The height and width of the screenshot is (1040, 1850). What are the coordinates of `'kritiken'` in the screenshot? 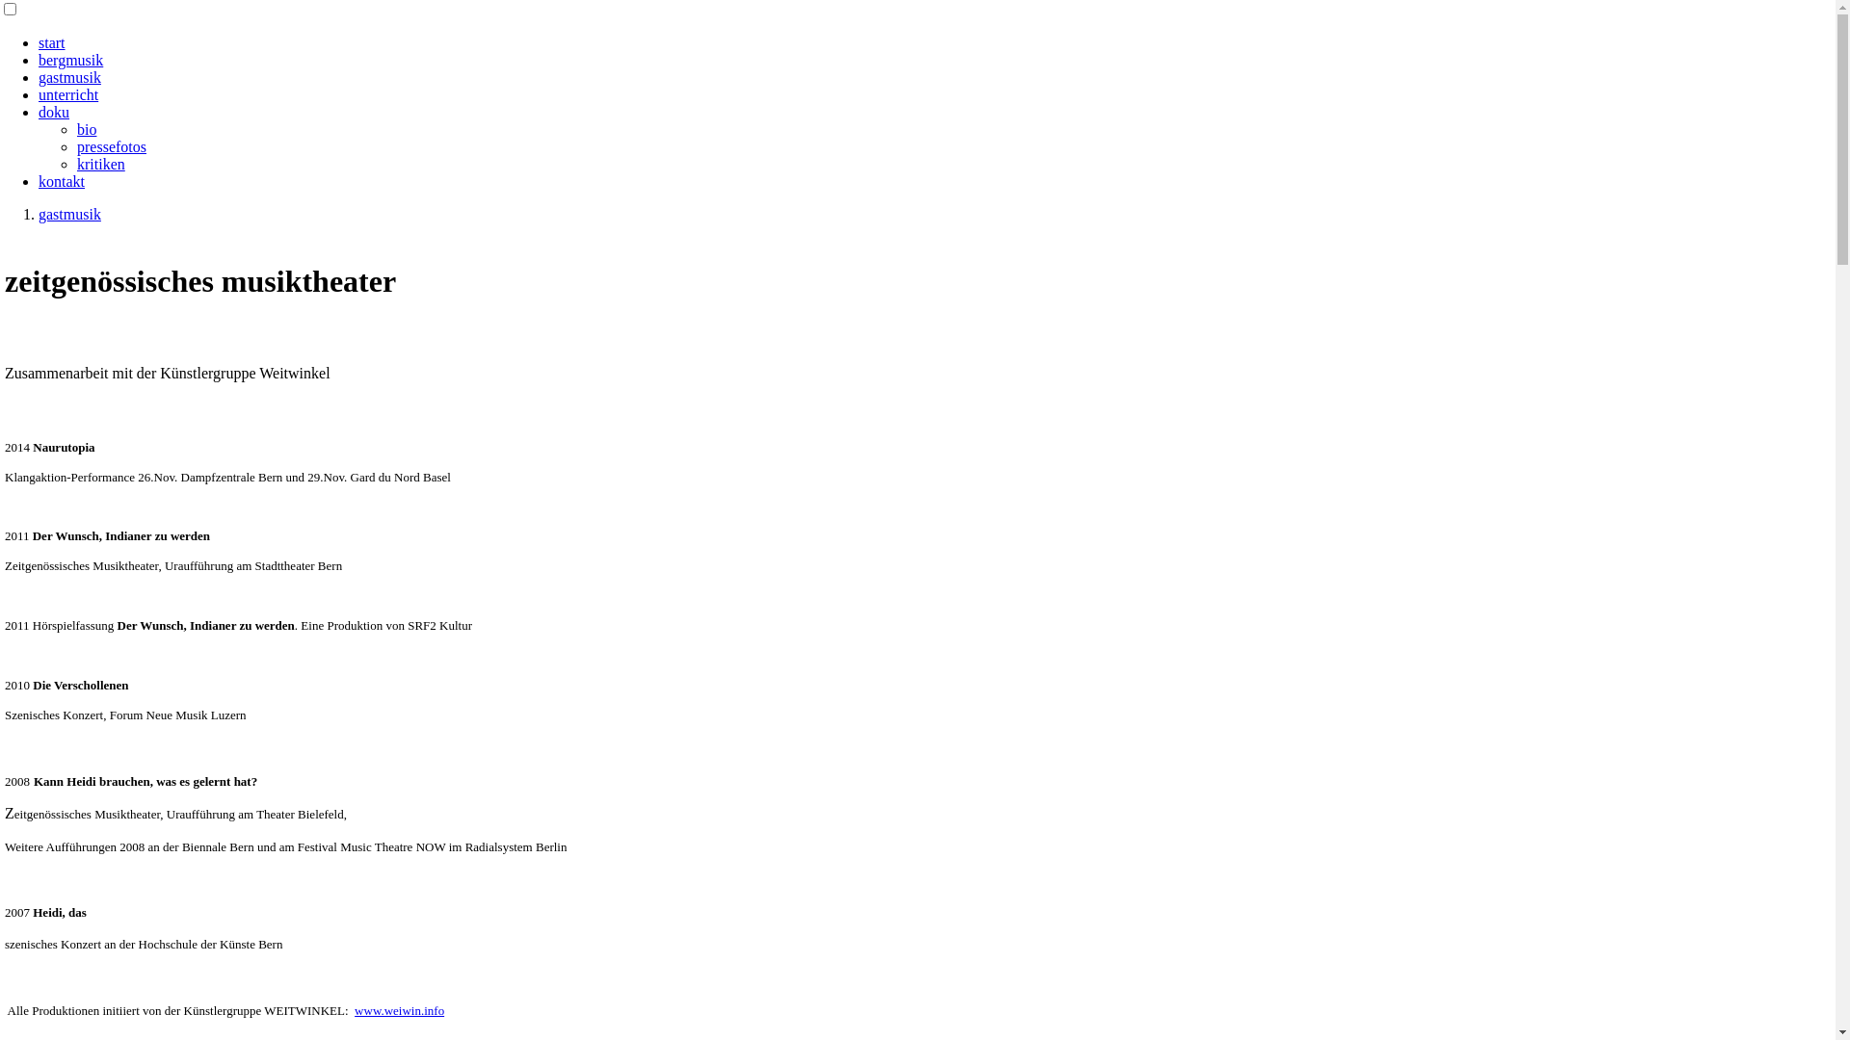 It's located at (100, 163).